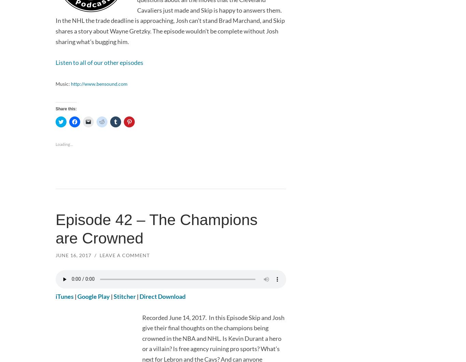 The height and width of the screenshot is (362, 466). What do you see at coordinates (64, 296) in the screenshot?
I see `'iTunes'` at bounding box center [64, 296].